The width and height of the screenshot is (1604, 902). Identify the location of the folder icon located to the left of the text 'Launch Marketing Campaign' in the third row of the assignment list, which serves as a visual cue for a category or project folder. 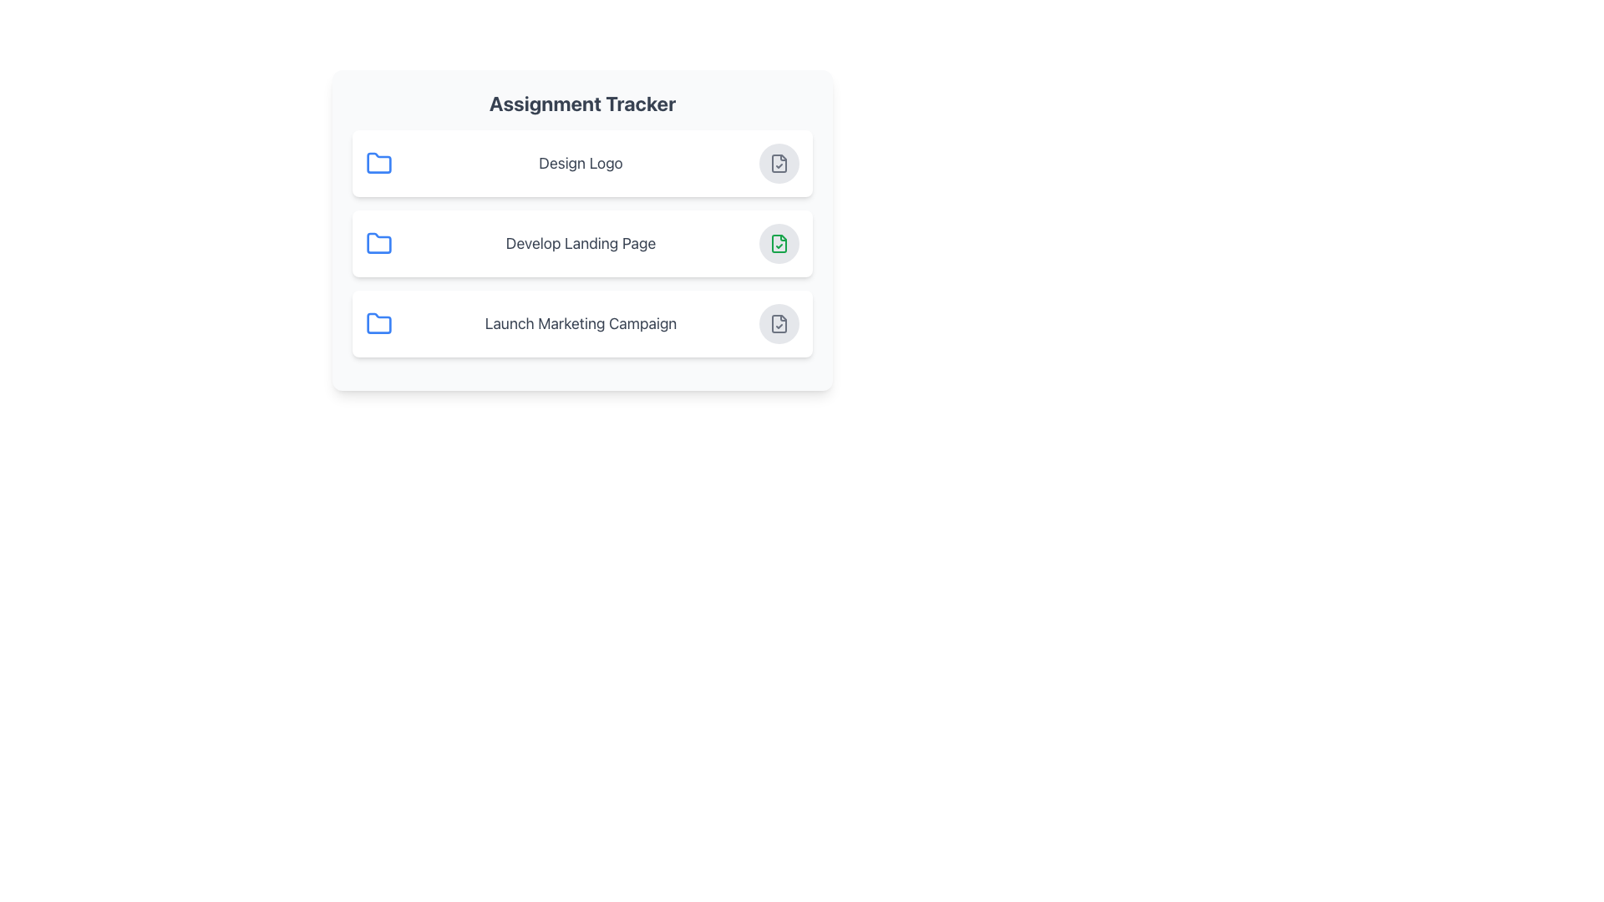
(378, 324).